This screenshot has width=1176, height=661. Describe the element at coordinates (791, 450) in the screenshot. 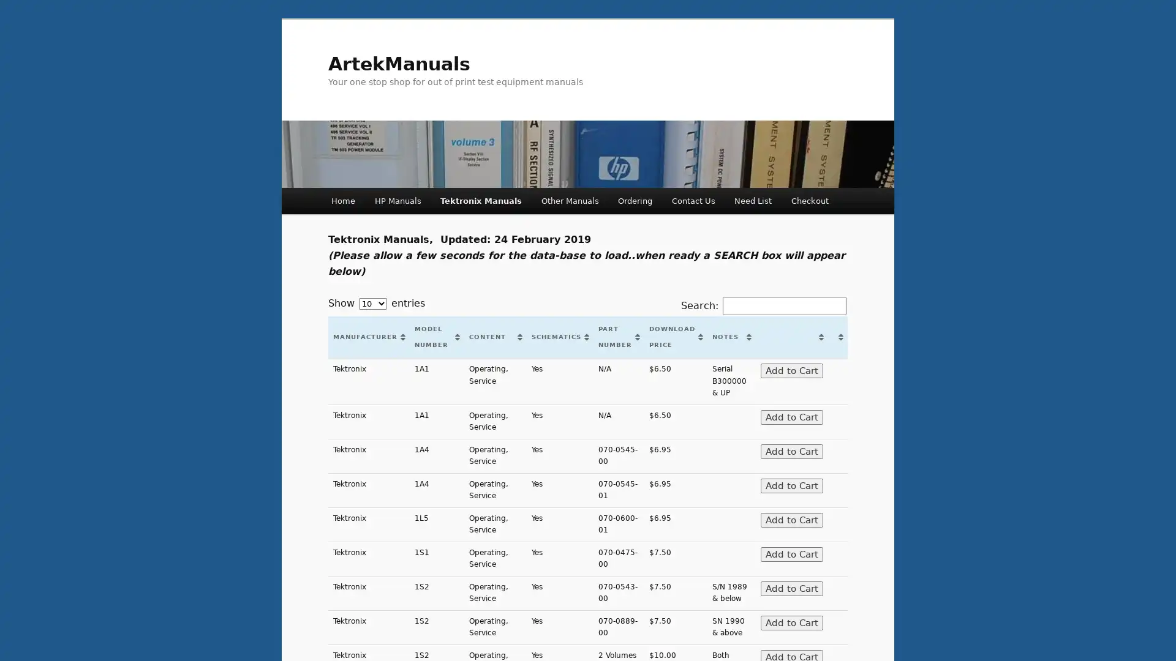

I see `Add to Cart` at that location.